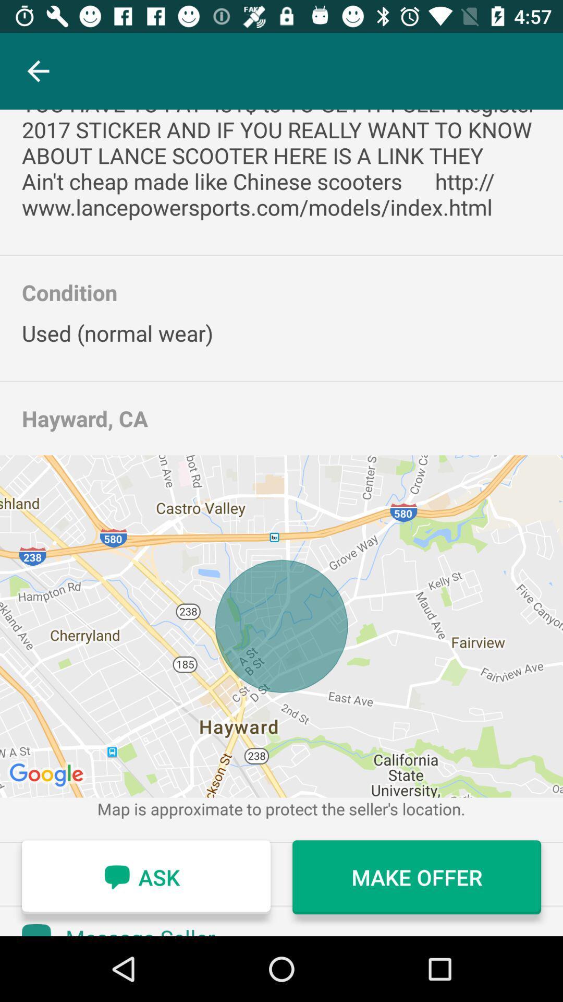 This screenshot has height=1002, width=563. What do you see at coordinates (416, 877) in the screenshot?
I see `item to the right of ask item` at bounding box center [416, 877].